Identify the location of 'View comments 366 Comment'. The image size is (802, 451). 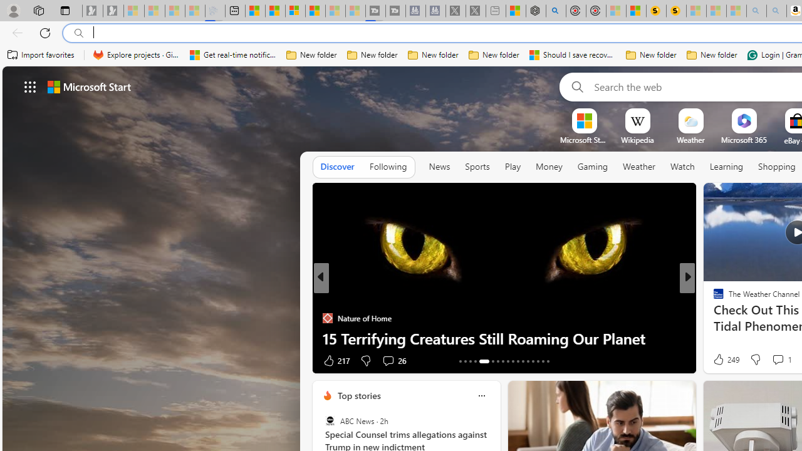
(773, 360).